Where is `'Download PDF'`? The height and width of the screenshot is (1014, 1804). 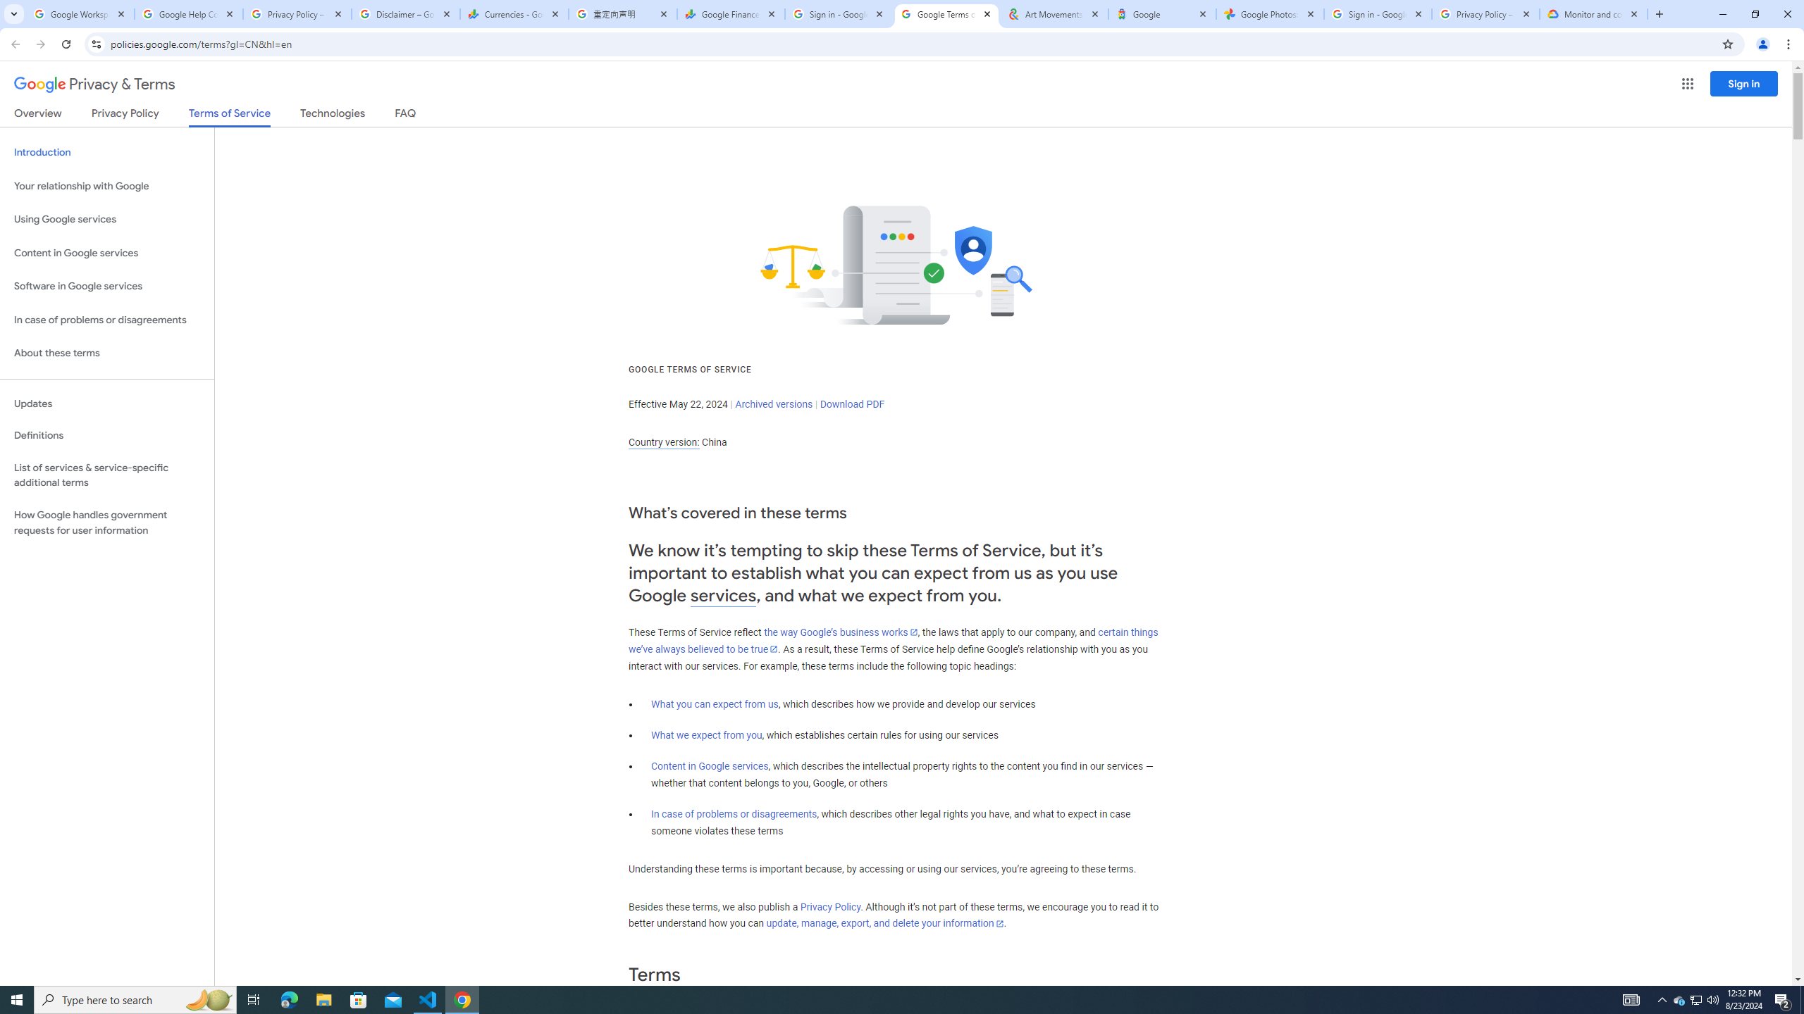
'Download PDF' is located at coordinates (851, 403).